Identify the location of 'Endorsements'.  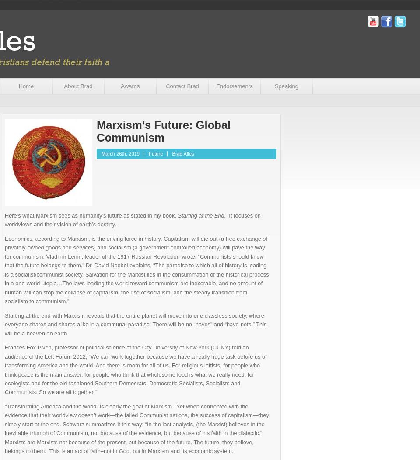
(234, 86).